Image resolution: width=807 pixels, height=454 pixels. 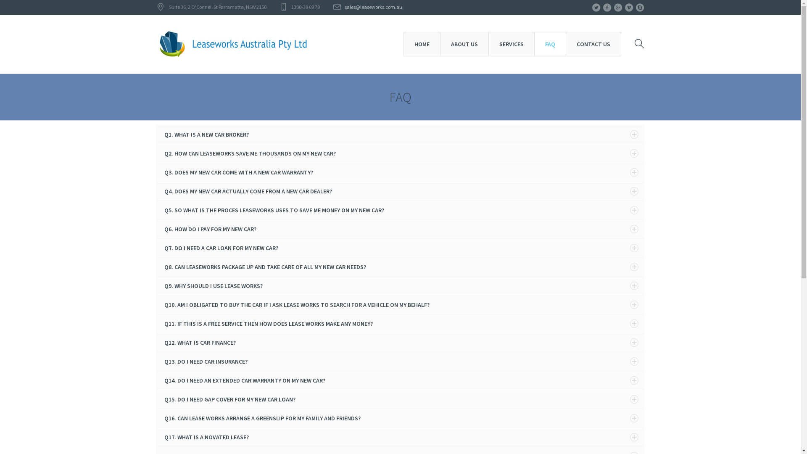 I want to click on 'sales@leaseworks.com.au', so click(x=345, y=7).